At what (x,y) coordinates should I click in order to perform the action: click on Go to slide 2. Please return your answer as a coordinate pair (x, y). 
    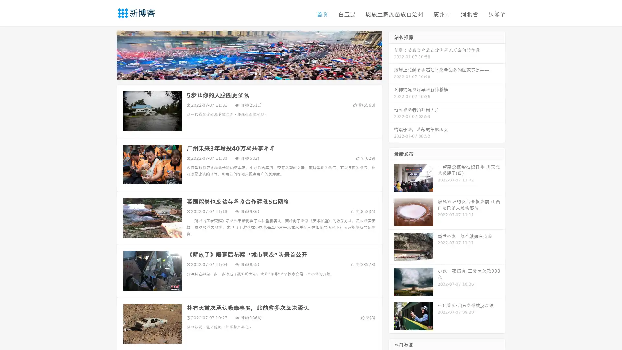
    Looking at the image, I should click on (249, 73).